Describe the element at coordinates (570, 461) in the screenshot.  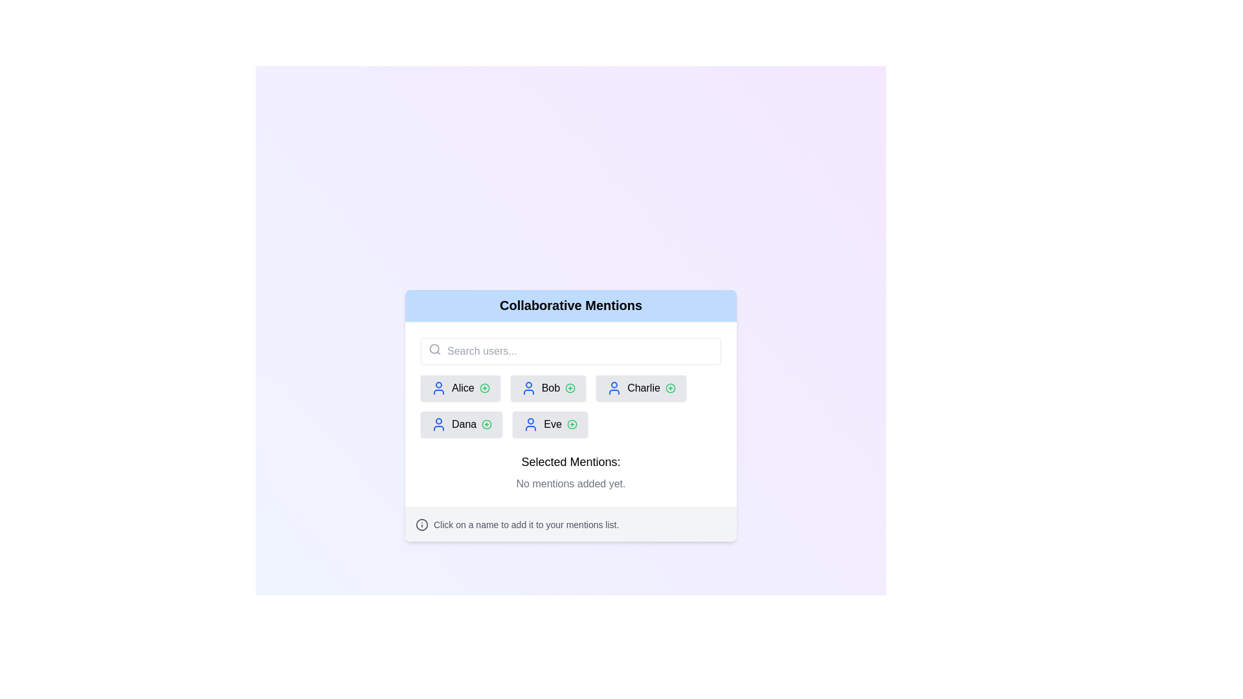
I see `the bold text label 'Selected Mentions:' which is prominently displayed in black against a light background, located within the 'Collaborative Mentions' interface, above the text 'No mentions added yet.'` at that location.